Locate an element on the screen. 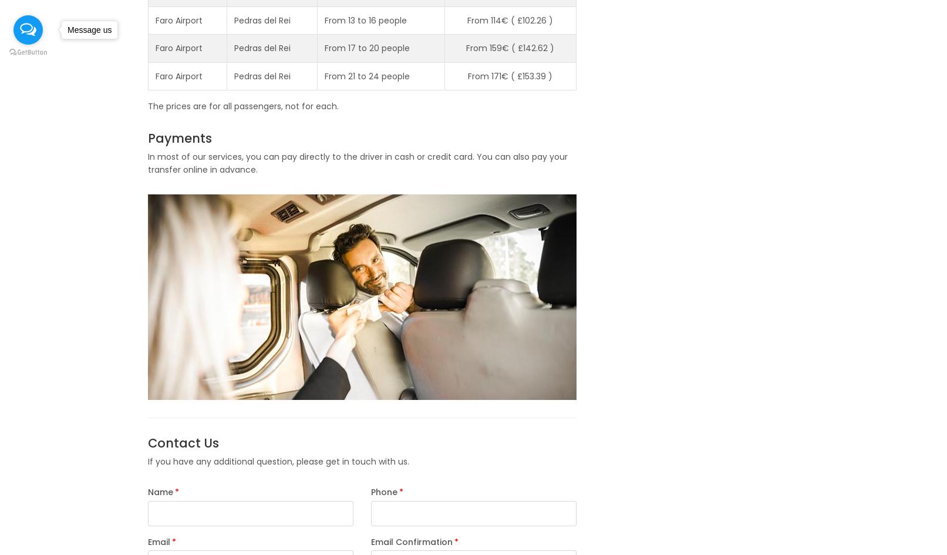 Image resolution: width=947 pixels, height=555 pixels. 'The prices are for all passengers, not for each.' is located at coordinates (146, 106).